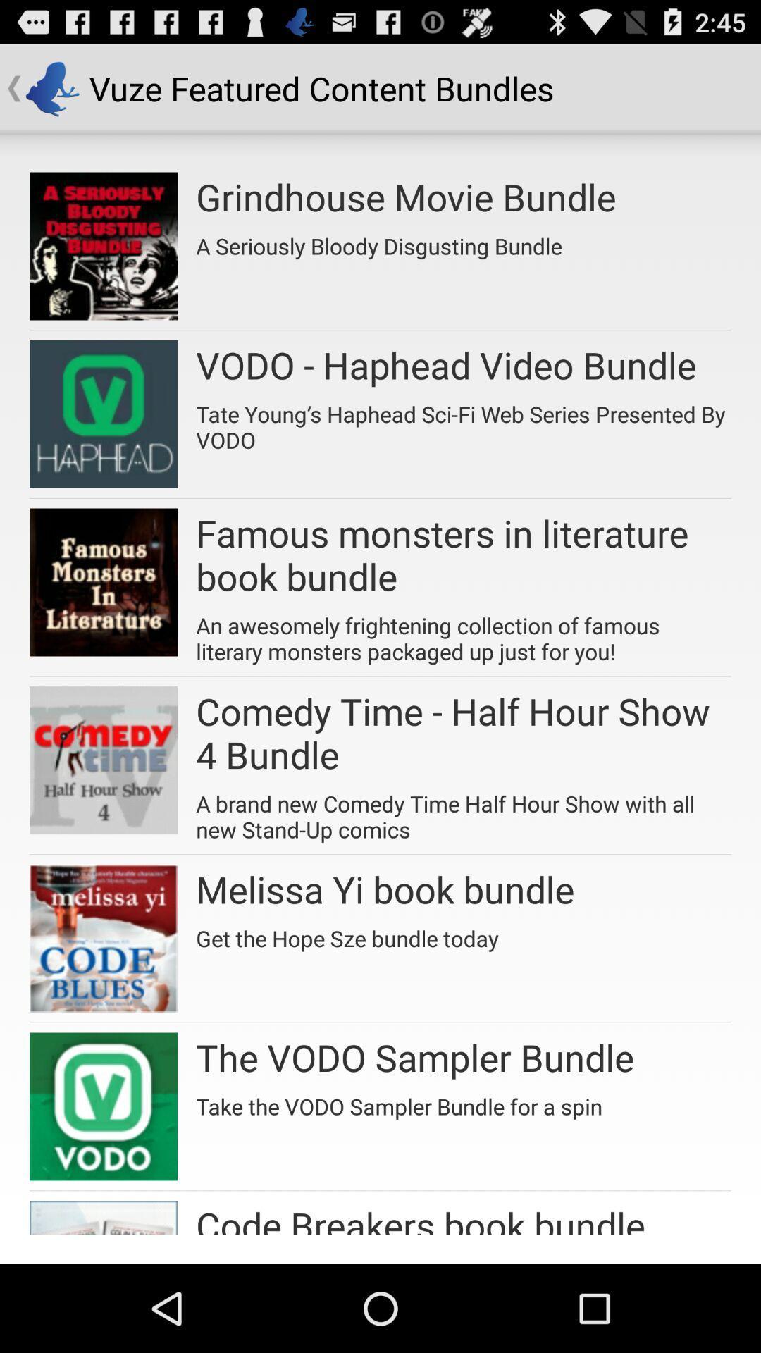 The height and width of the screenshot is (1353, 761). What do you see at coordinates (464, 421) in the screenshot?
I see `icon above famous monsters in item` at bounding box center [464, 421].